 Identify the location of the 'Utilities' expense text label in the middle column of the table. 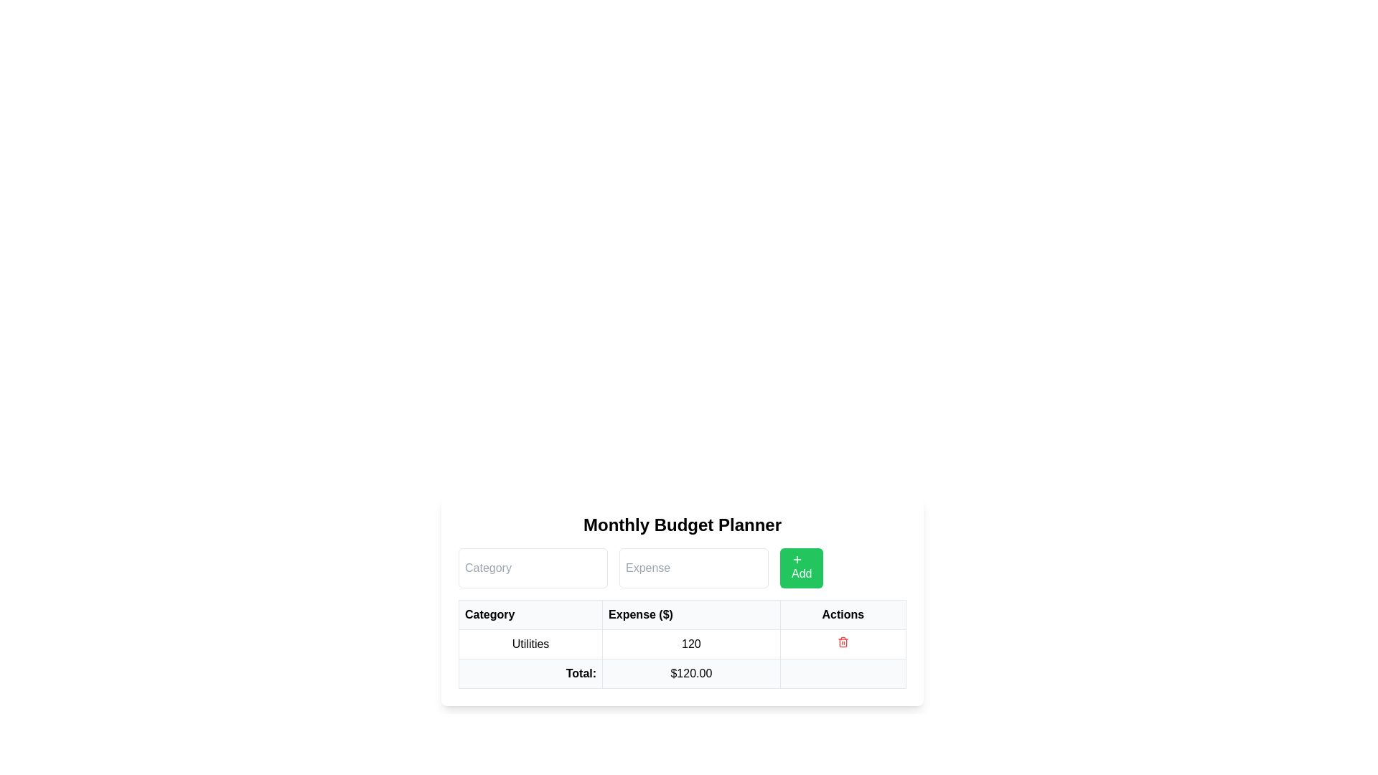
(691, 644).